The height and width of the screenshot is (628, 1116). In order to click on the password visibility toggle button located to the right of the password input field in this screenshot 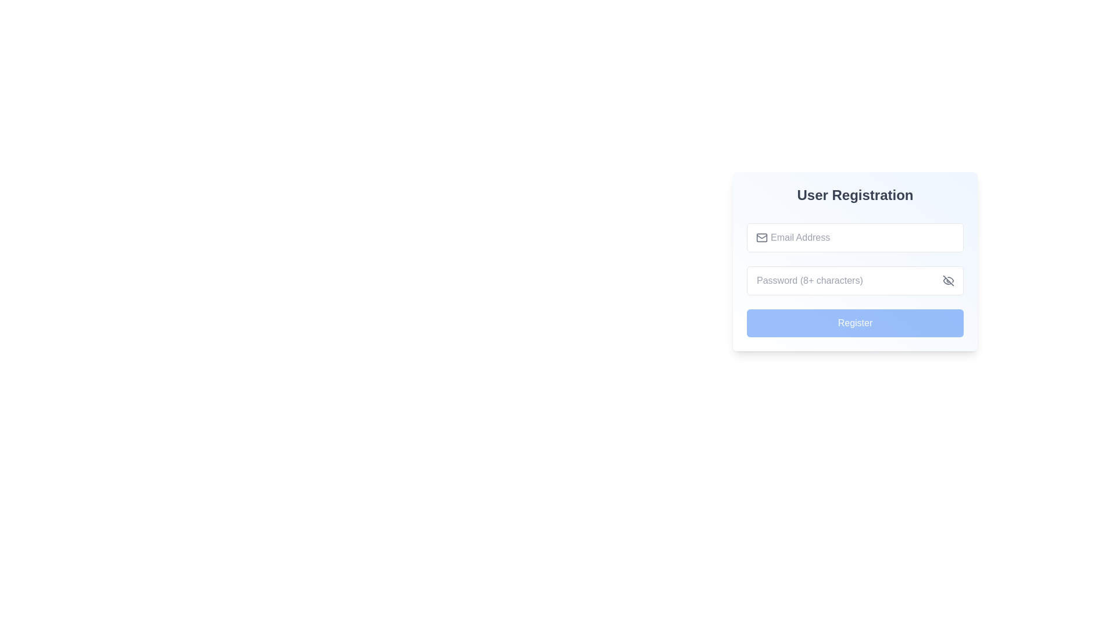, I will do `click(949, 280)`.